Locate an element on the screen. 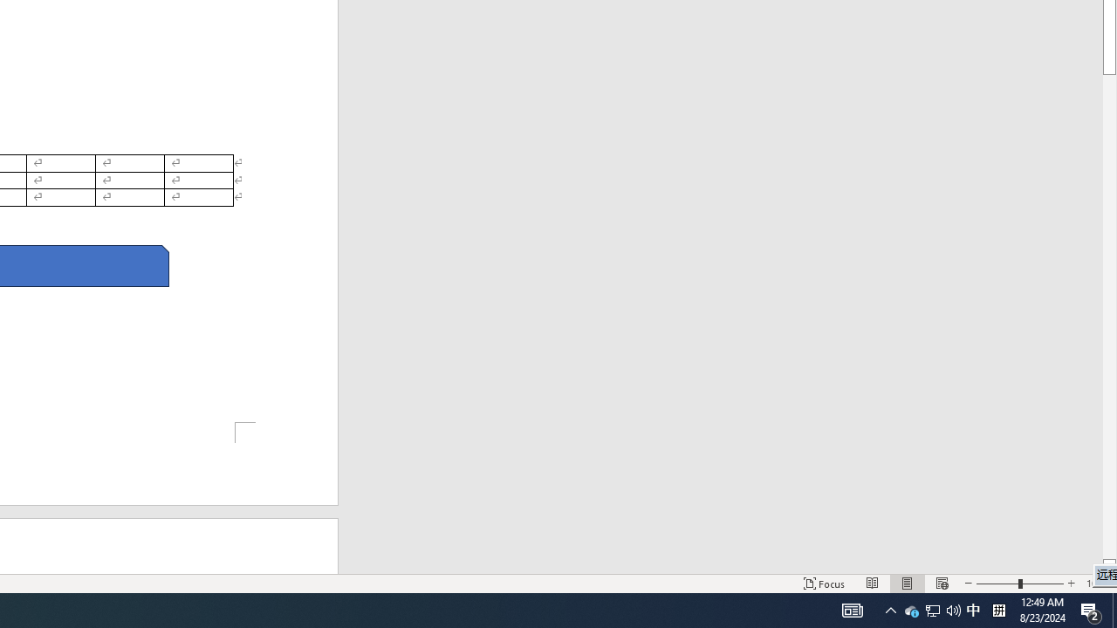 The image size is (1117, 628). 'Page down' is located at coordinates (1108, 317).